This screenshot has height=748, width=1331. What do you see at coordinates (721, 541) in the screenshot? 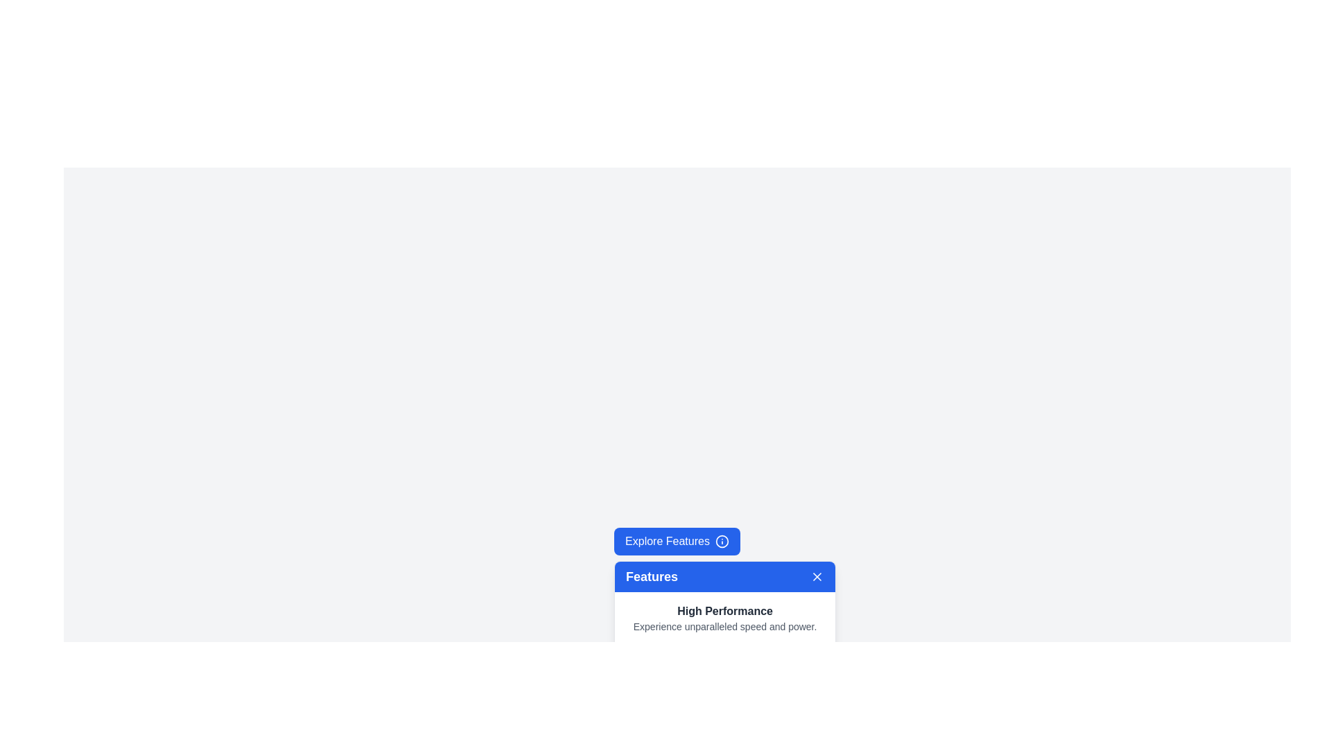
I see `the circular graphical icon located inside the 'Explore Features' button, positioned towards the right side of the button above the 'Features' panel` at bounding box center [721, 541].